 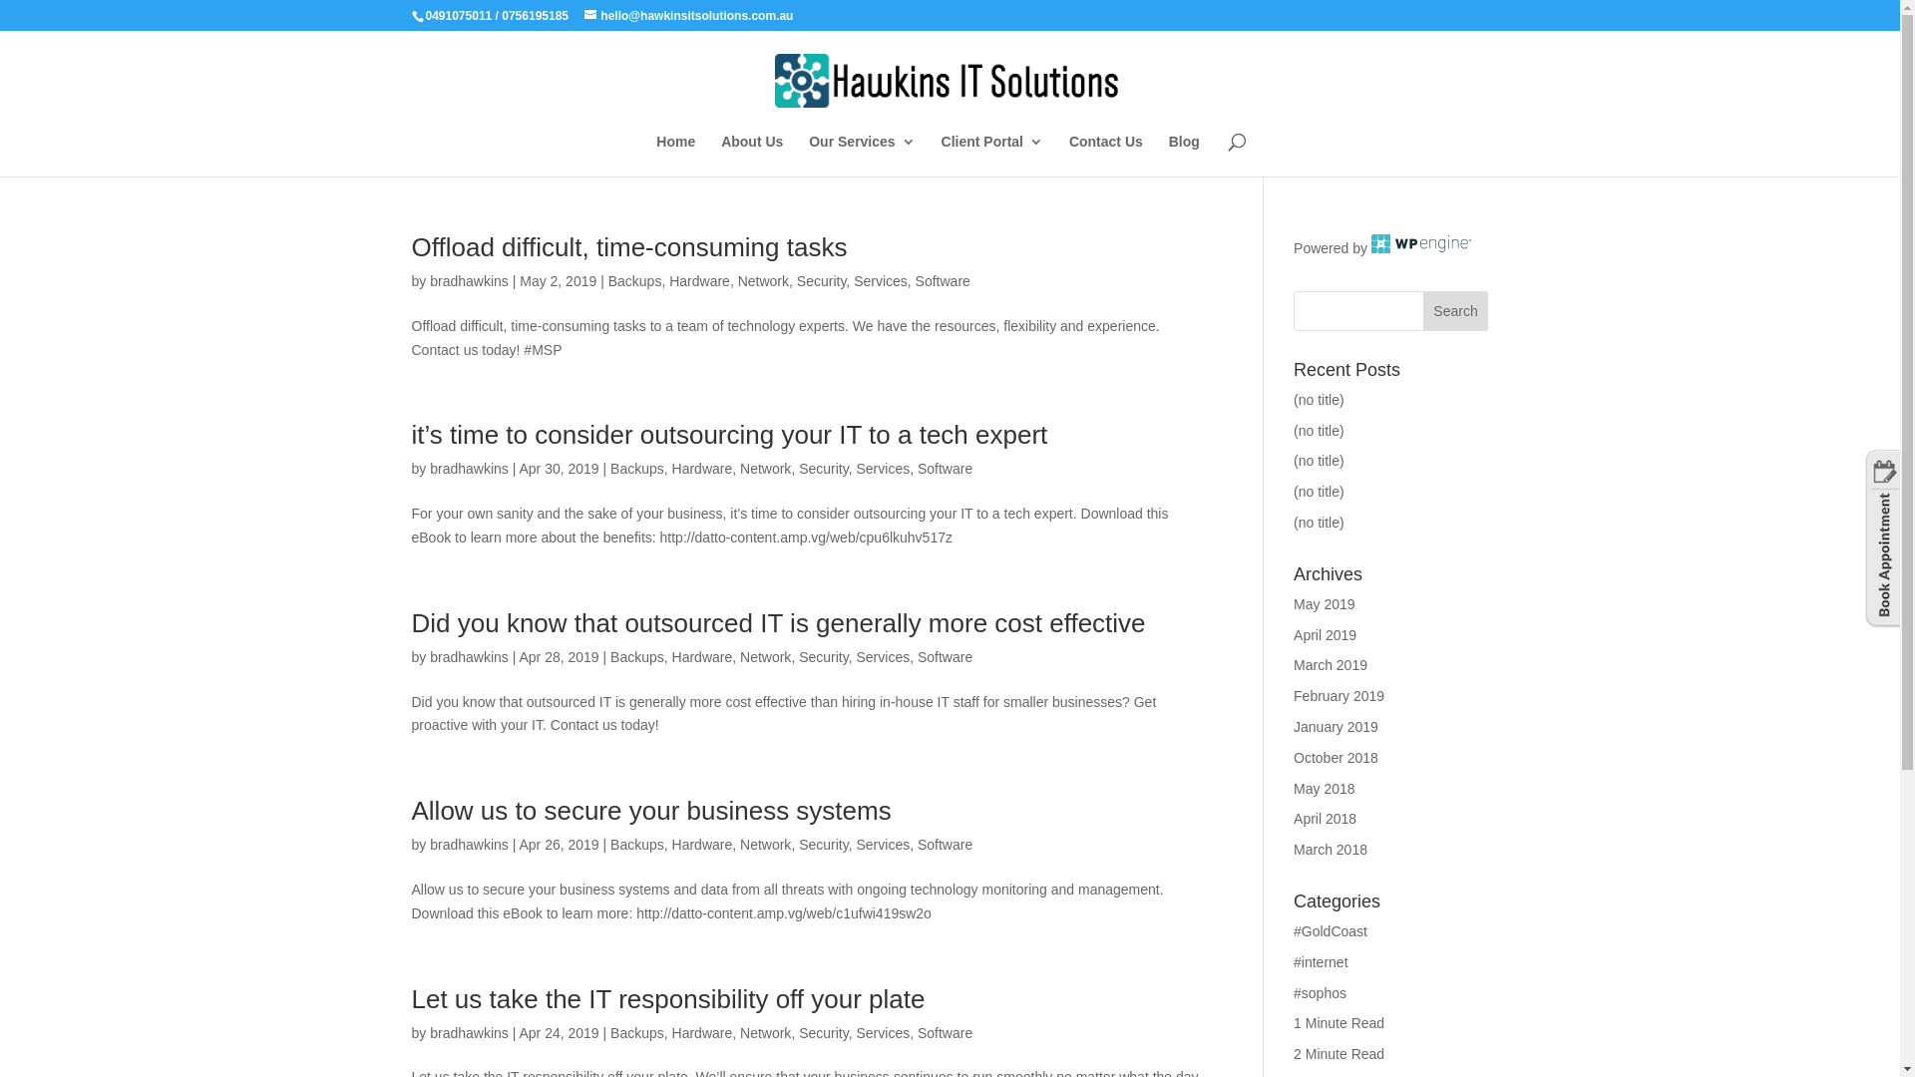 I want to click on '#GoldCoast', so click(x=1331, y=930).